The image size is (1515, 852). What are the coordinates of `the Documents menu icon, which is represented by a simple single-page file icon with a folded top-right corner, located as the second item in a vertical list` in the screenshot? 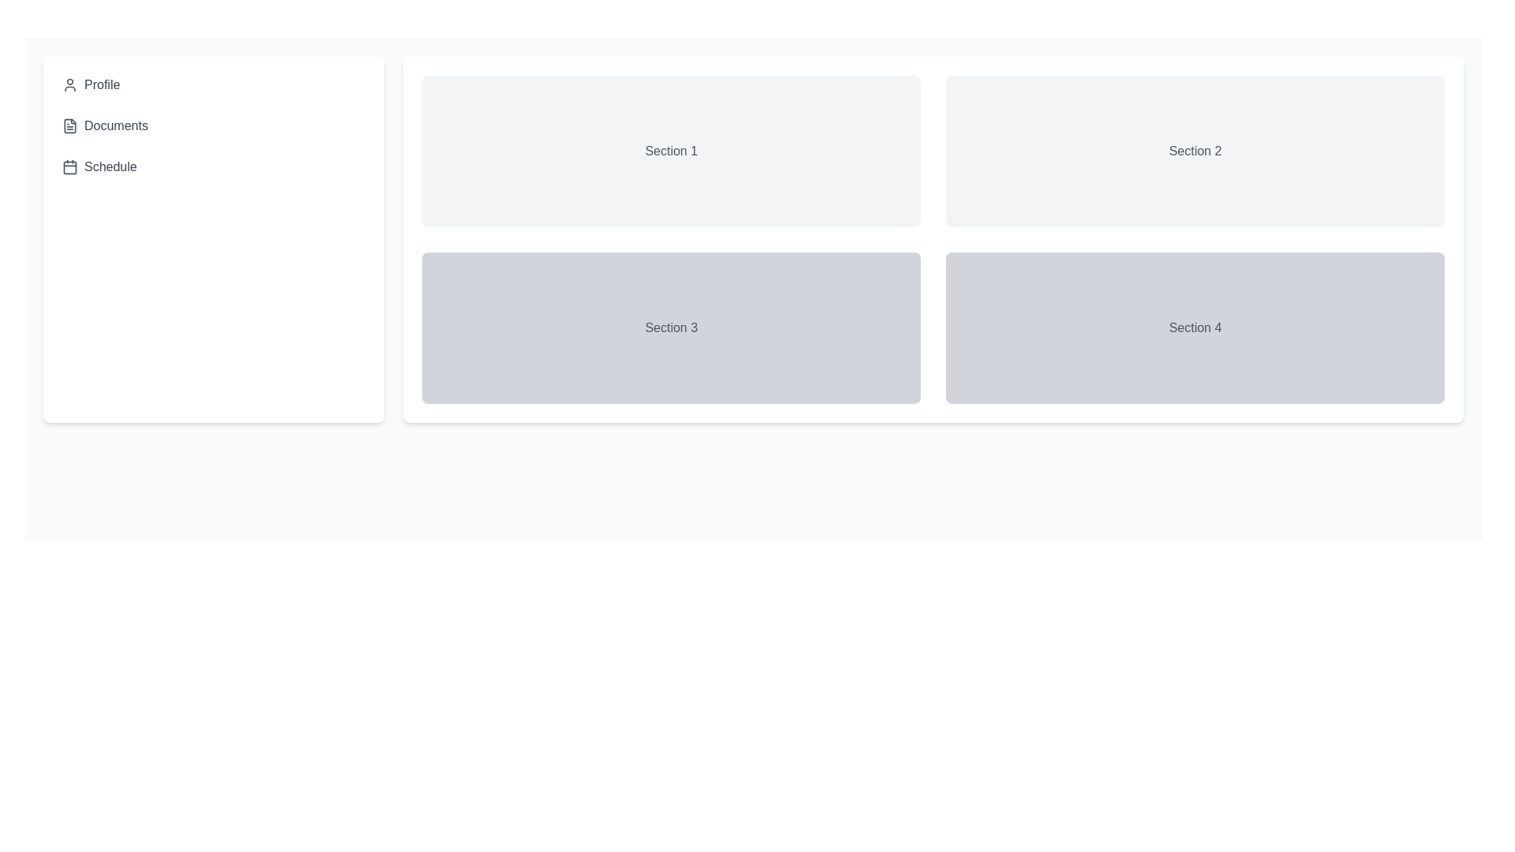 It's located at (69, 125).